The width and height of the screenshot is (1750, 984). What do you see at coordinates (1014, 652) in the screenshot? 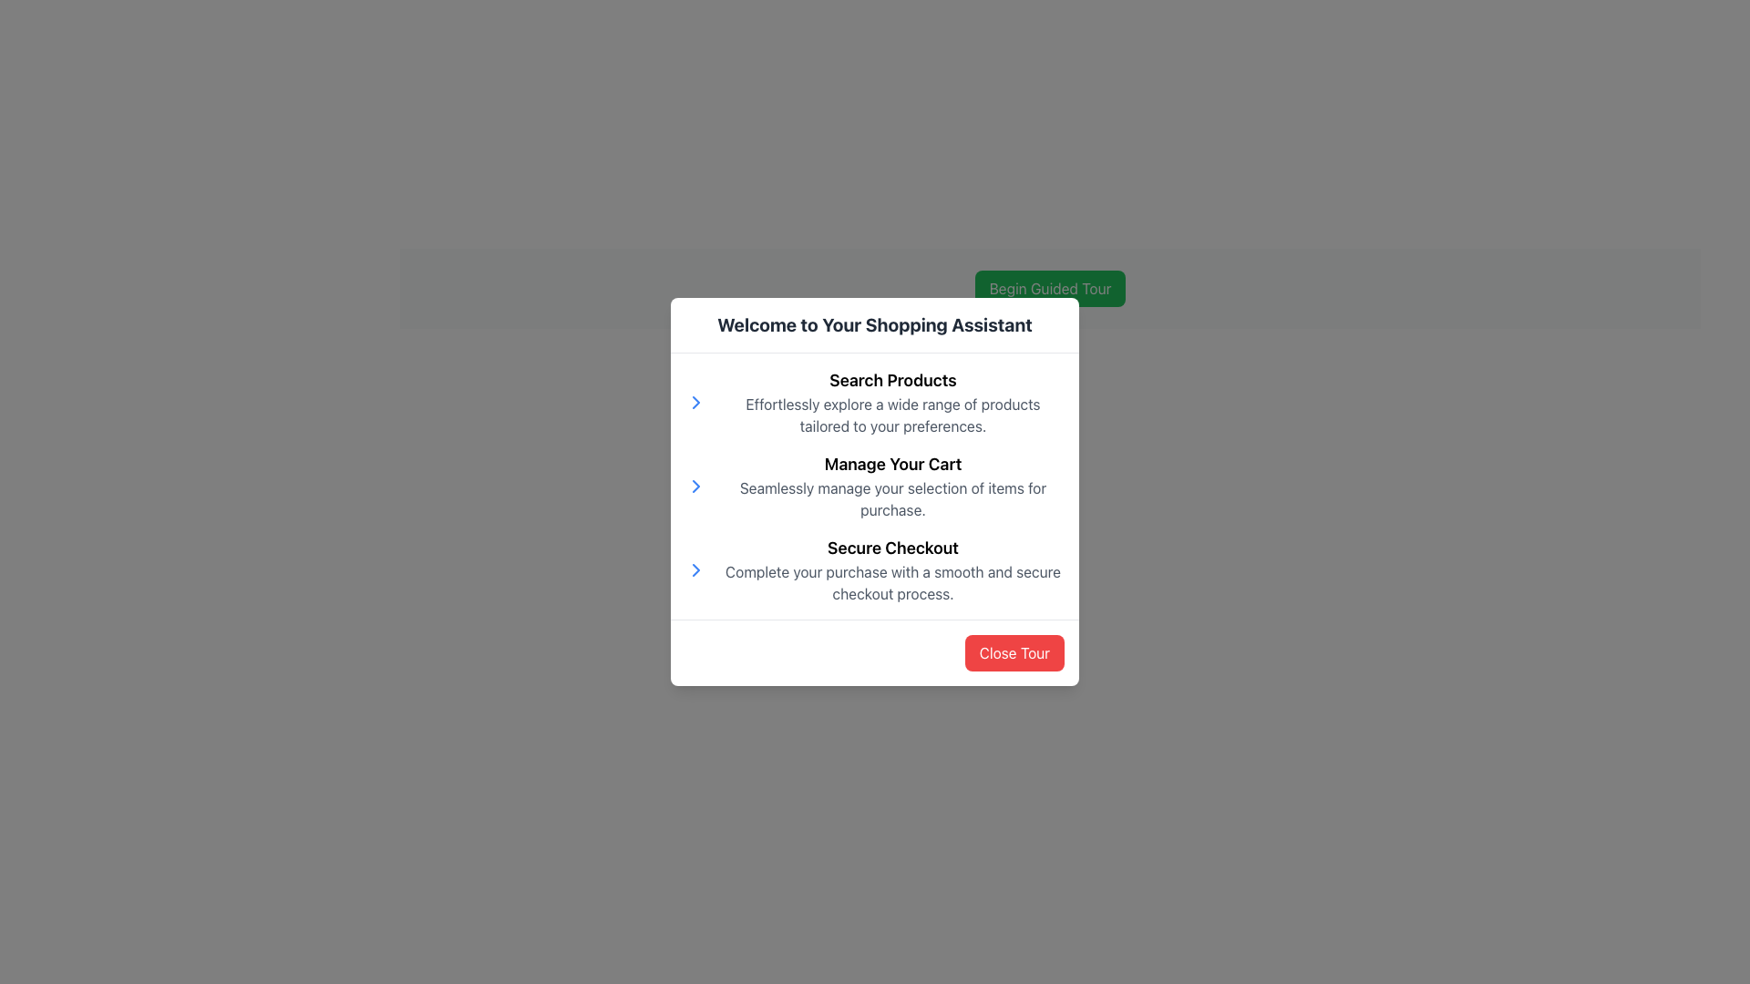
I see `the close button located at the bottom-right of the dialog box to trigger visual feedback` at bounding box center [1014, 652].